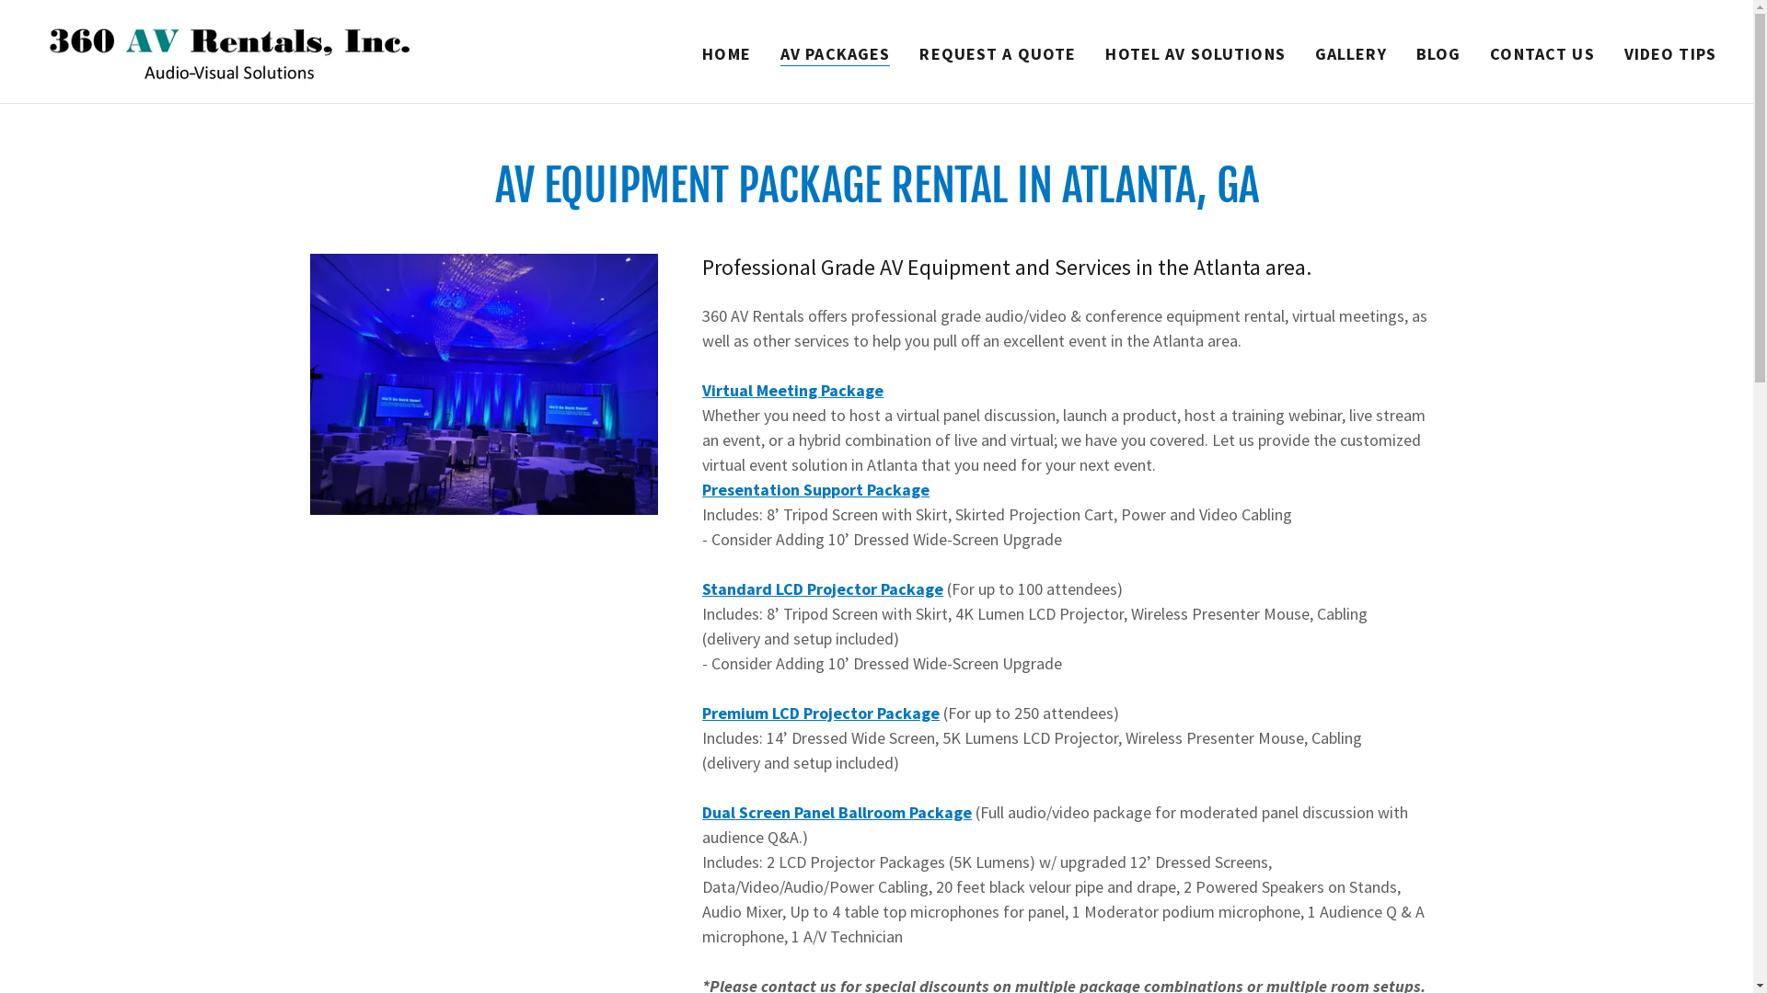 Image resolution: width=1767 pixels, height=993 pixels. What do you see at coordinates (1542, 51) in the screenshot?
I see `'CONTACT US'` at bounding box center [1542, 51].